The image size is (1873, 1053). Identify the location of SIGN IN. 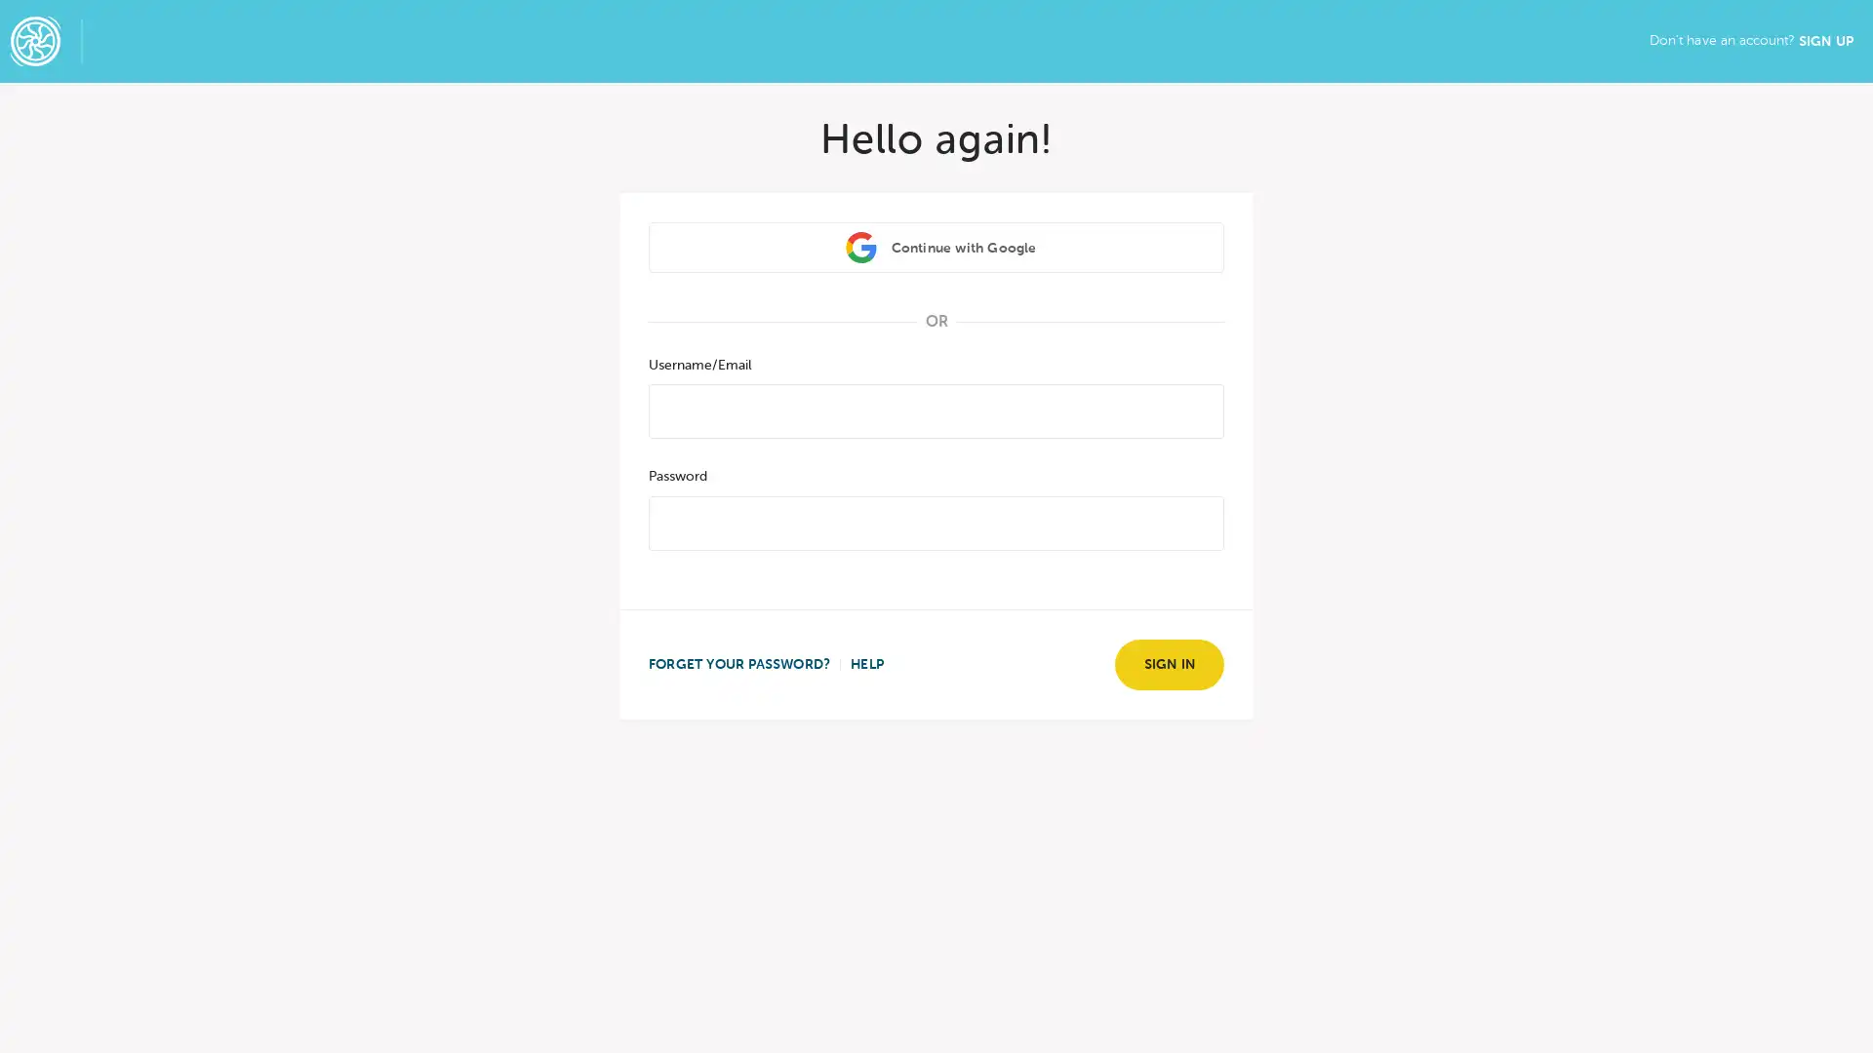
(1169, 663).